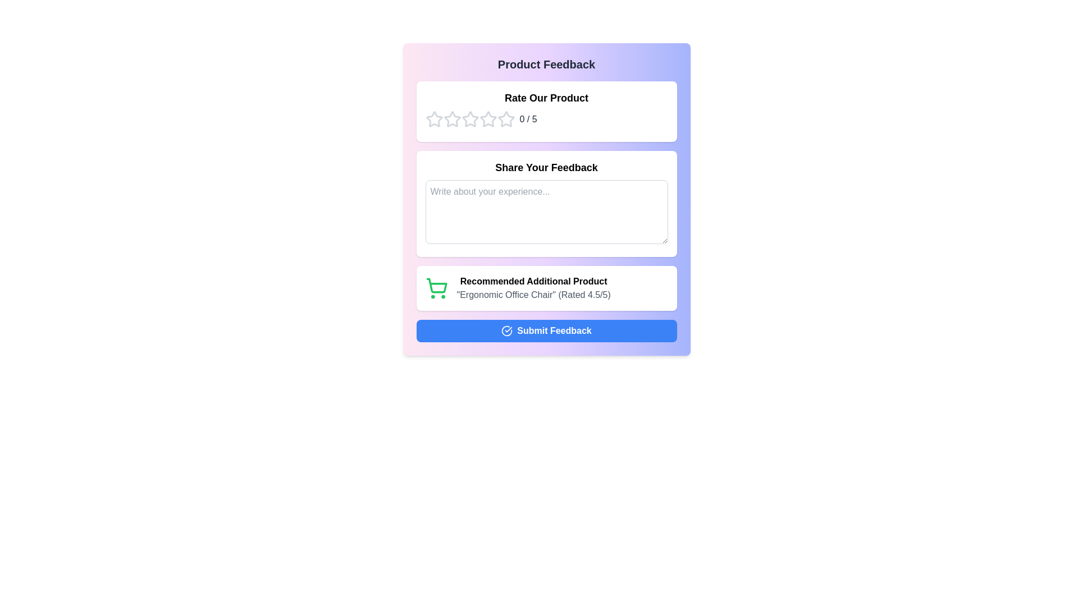 Image resolution: width=1078 pixels, height=606 pixels. I want to click on the informational text displaying the current rating out of 5, located to the right of the star icons in the 'Rate Our Product' section at the top of the interface, so click(527, 119).